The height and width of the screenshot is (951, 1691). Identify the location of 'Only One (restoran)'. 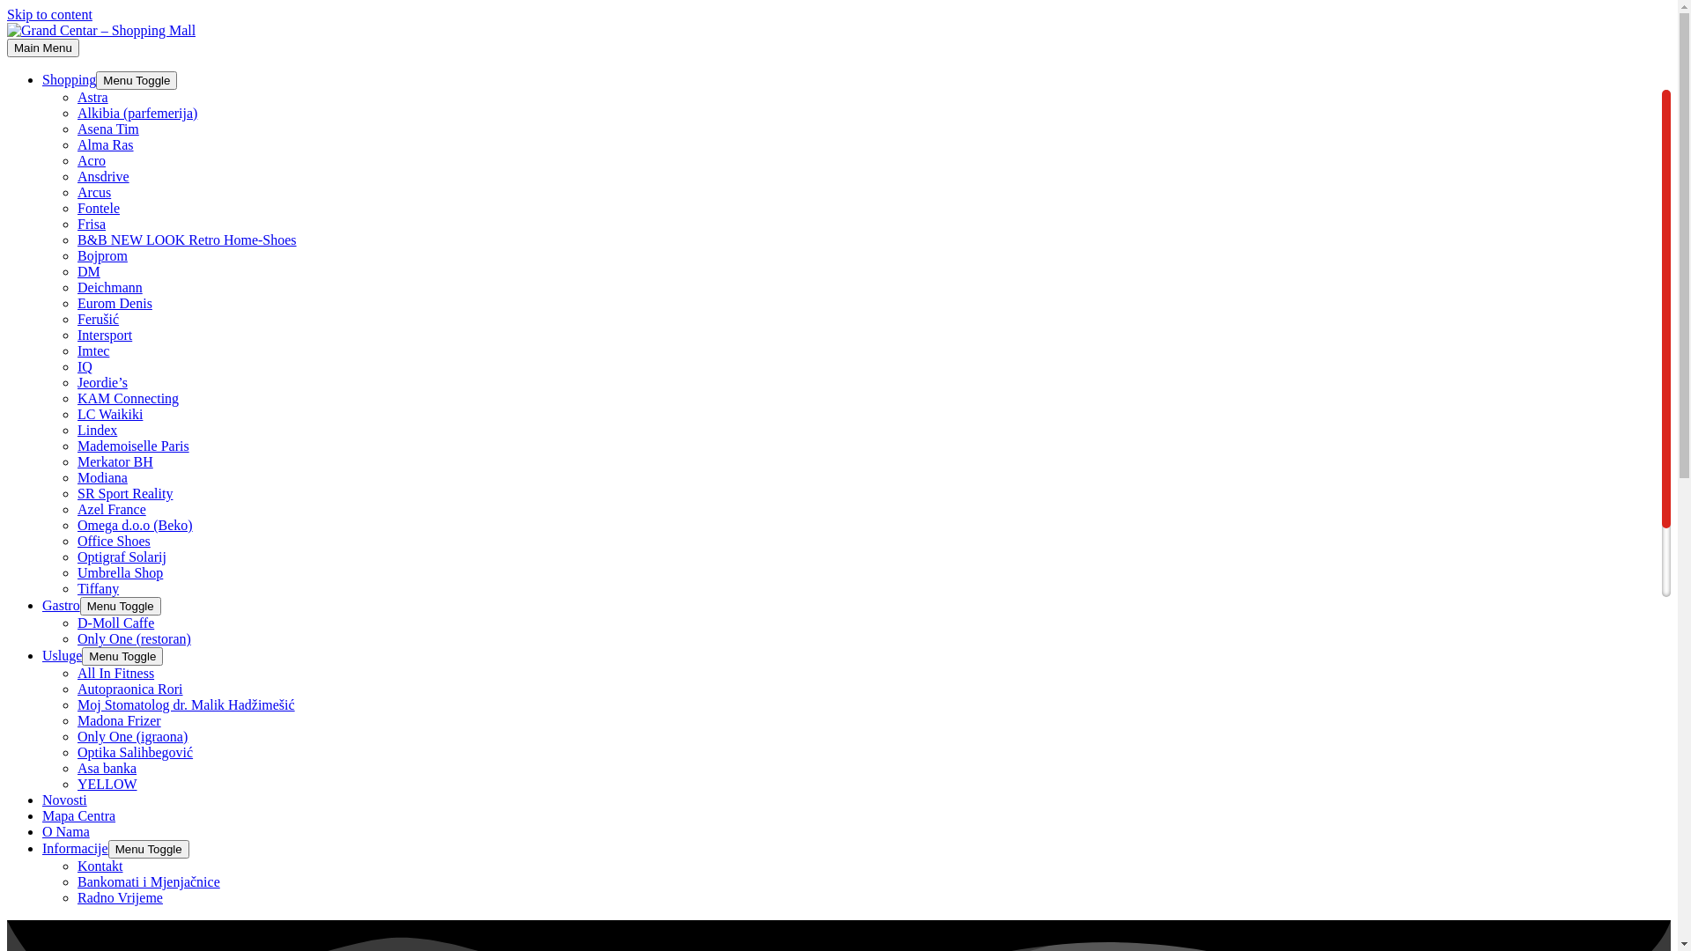
(133, 638).